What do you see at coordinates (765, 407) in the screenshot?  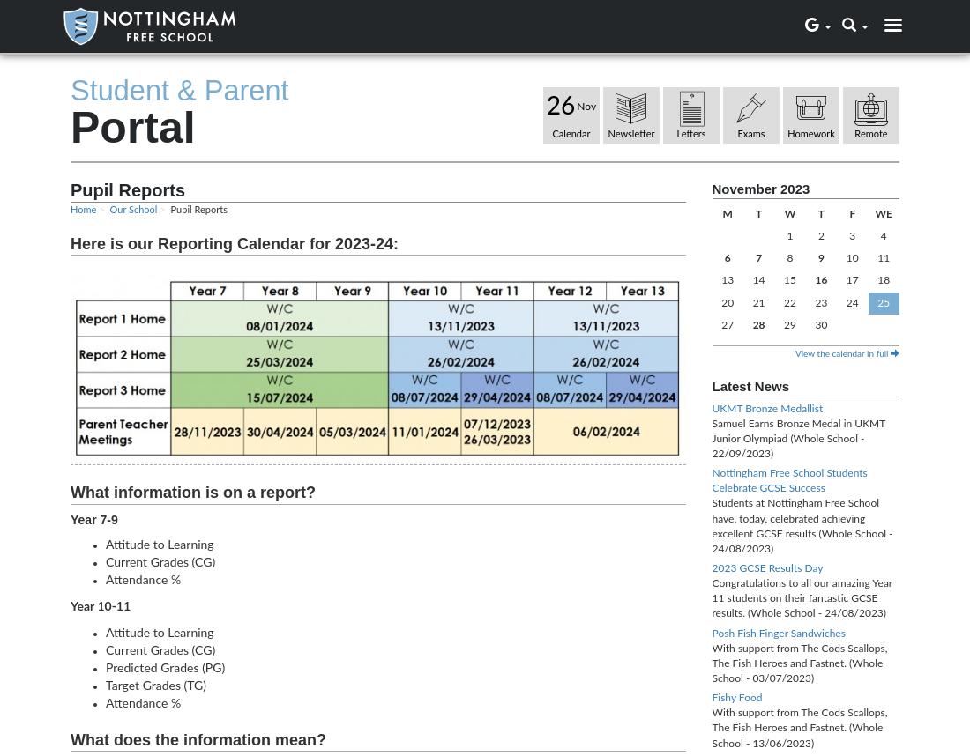 I see `'UKMT Bronze Medallist'` at bounding box center [765, 407].